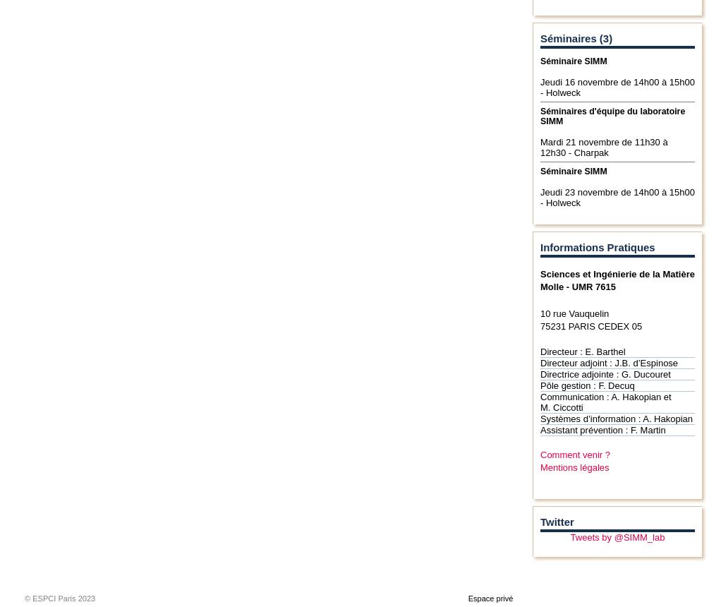  Describe the element at coordinates (539, 467) in the screenshot. I see `'Mentions légales'` at that location.